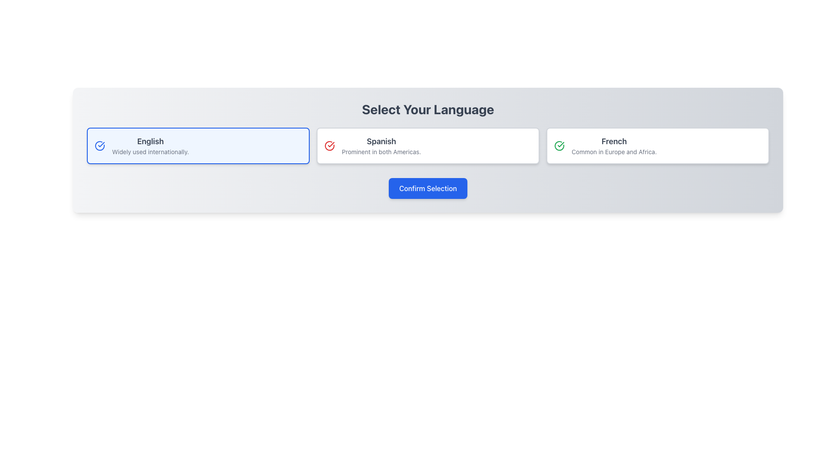 The image size is (834, 469). What do you see at coordinates (614, 145) in the screenshot?
I see `the label and description text for the 'French' language option in the language selection interface, which is the third entry in the horizontal list of language options` at bounding box center [614, 145].